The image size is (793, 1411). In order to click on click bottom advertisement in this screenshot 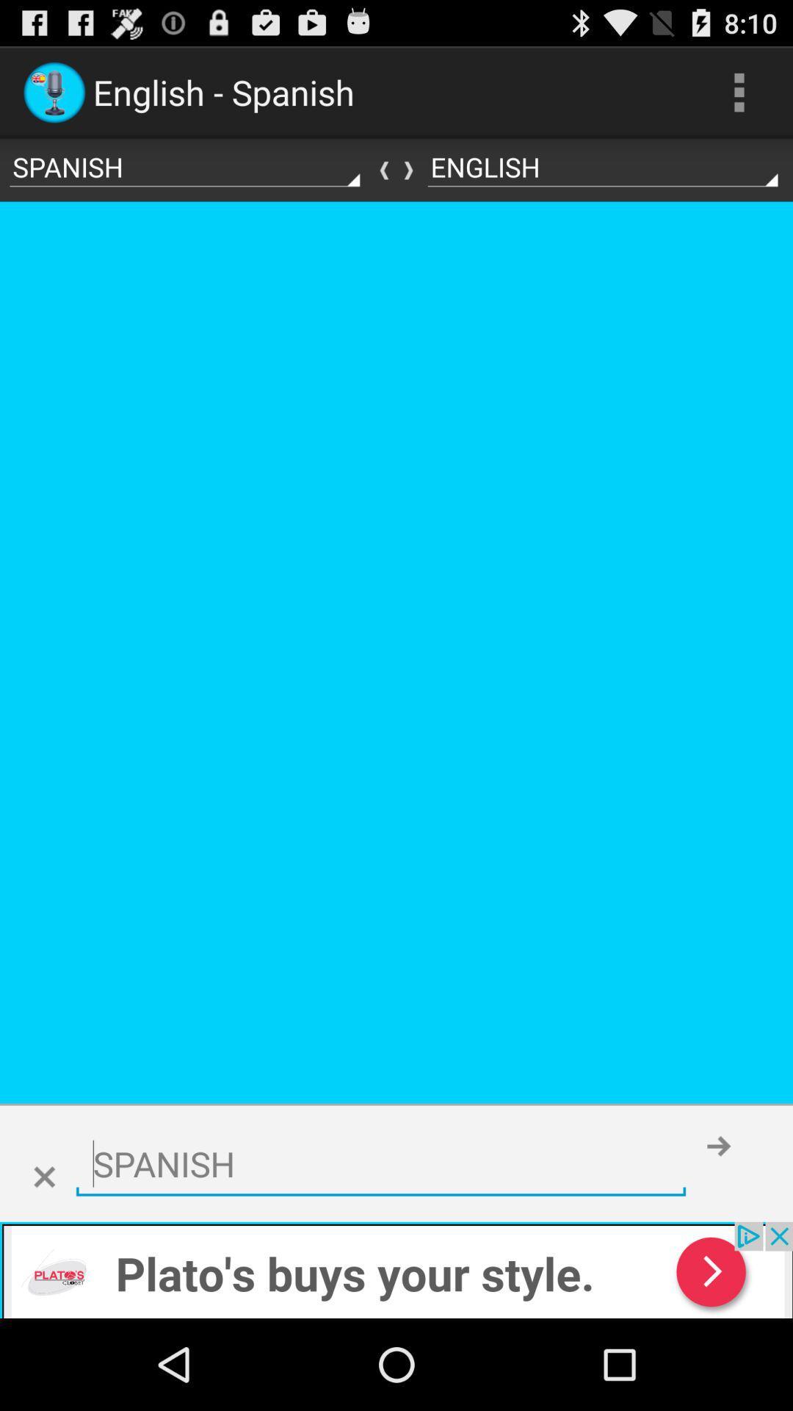, I will do `click(396, 1269)`.